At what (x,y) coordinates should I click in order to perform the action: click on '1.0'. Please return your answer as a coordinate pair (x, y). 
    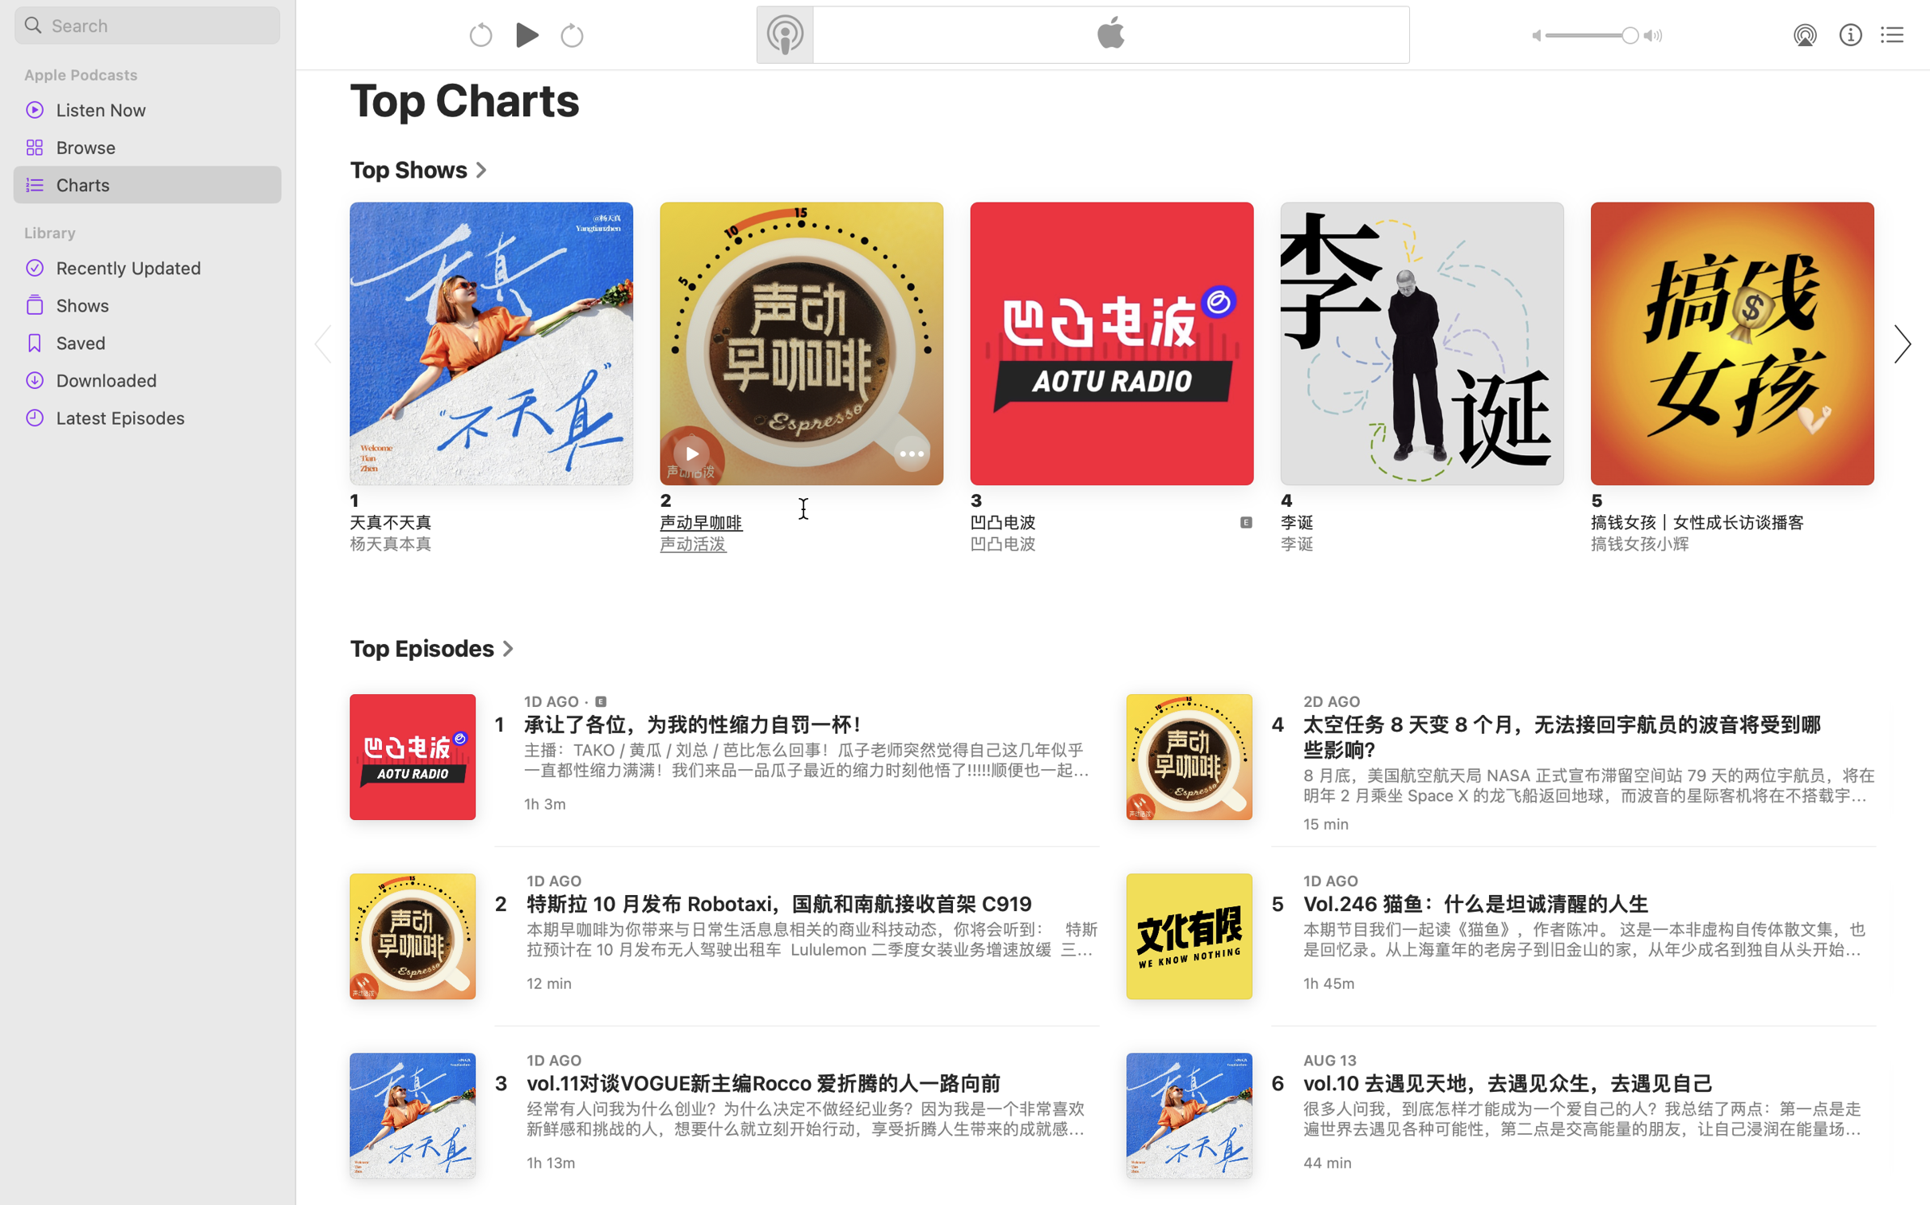
    Looking at the image, I should click on (1592, 35).